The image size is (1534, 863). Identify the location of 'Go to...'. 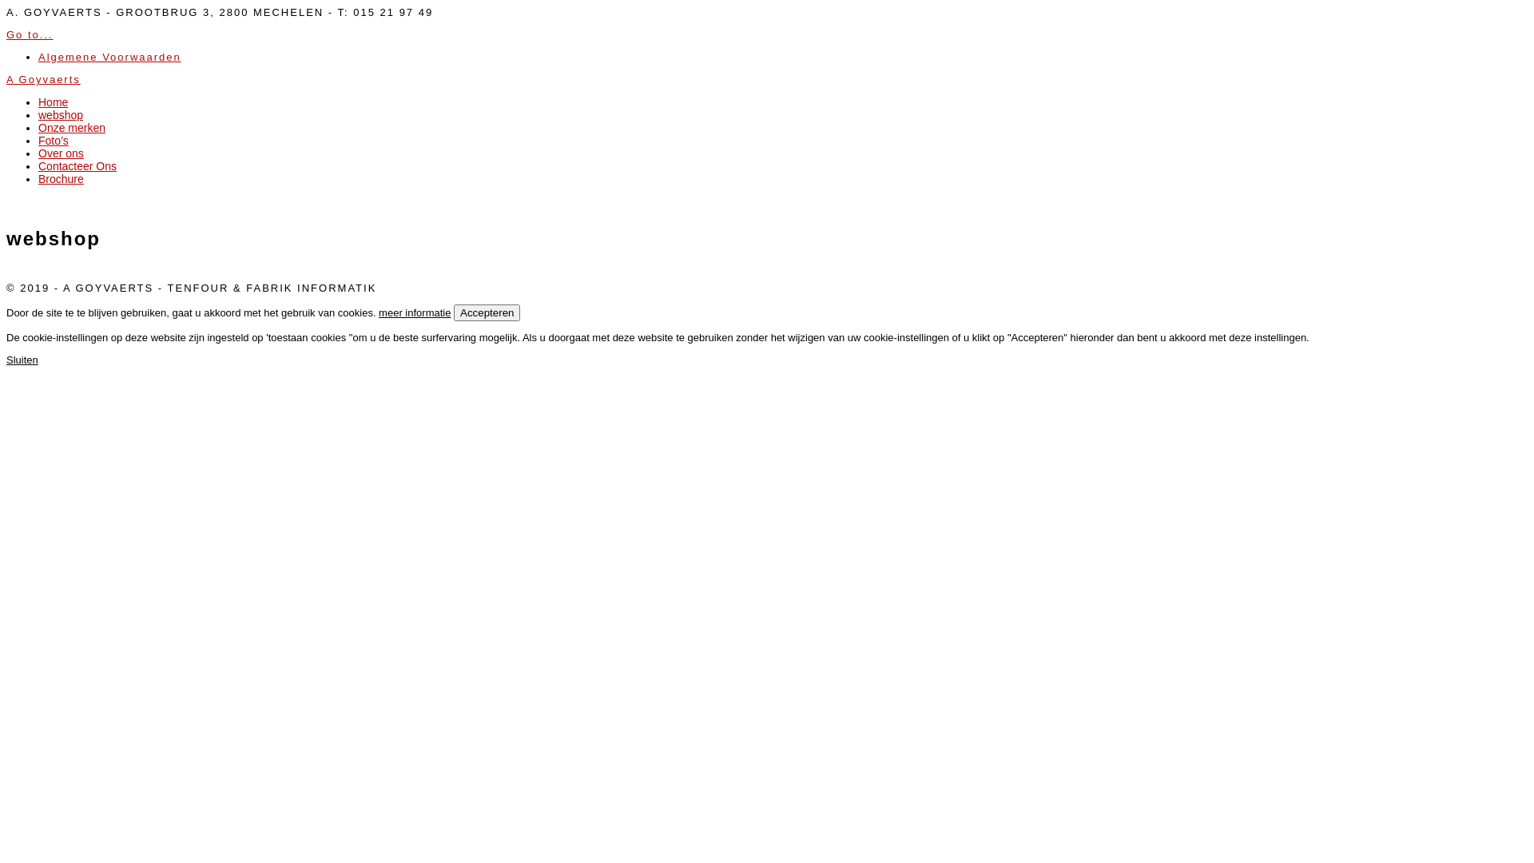
(30, 34).